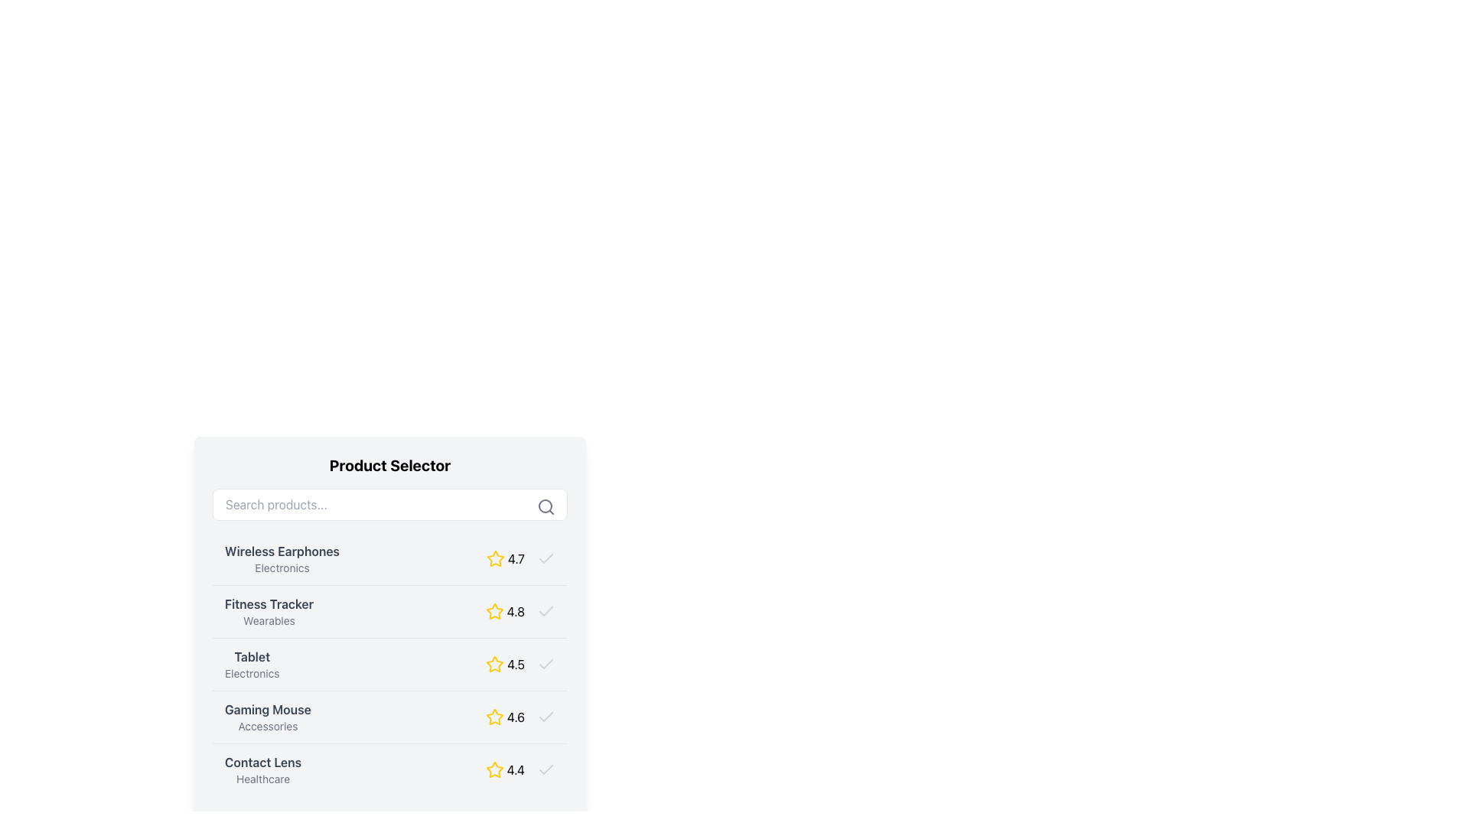  Describe the element at coordinates (494, 769) in the screenshot. I see `the star icon indicating the rating for 'Contact Lens', which is located adjacent to the rating number 4.4 in the last item of the list` at that location.